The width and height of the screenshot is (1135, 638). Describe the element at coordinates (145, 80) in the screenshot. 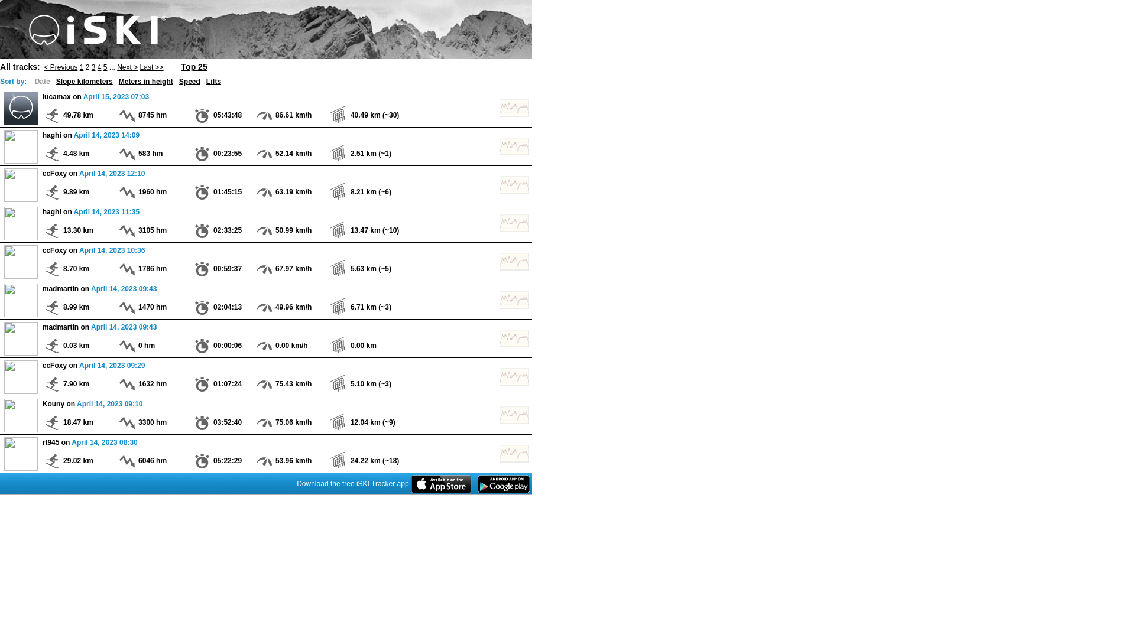

I see `'Meters in height'` at that location.